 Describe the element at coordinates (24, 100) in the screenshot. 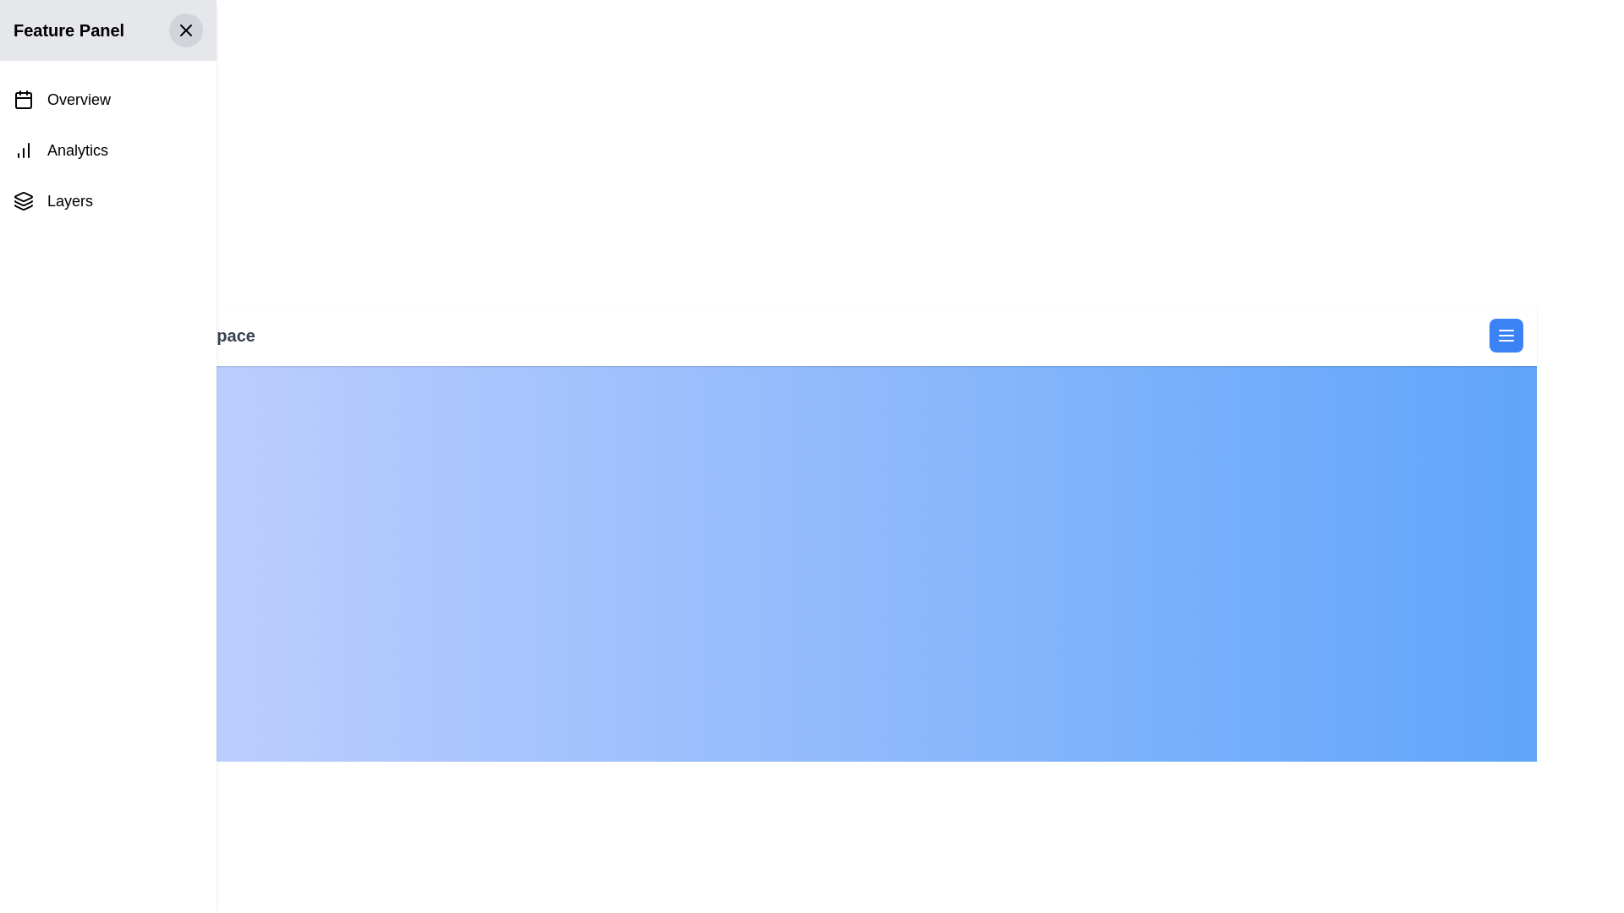

I see `the small calendar icon with a black outline and white fill, which is located to the far left of the 'Overview' menu item` at that location.